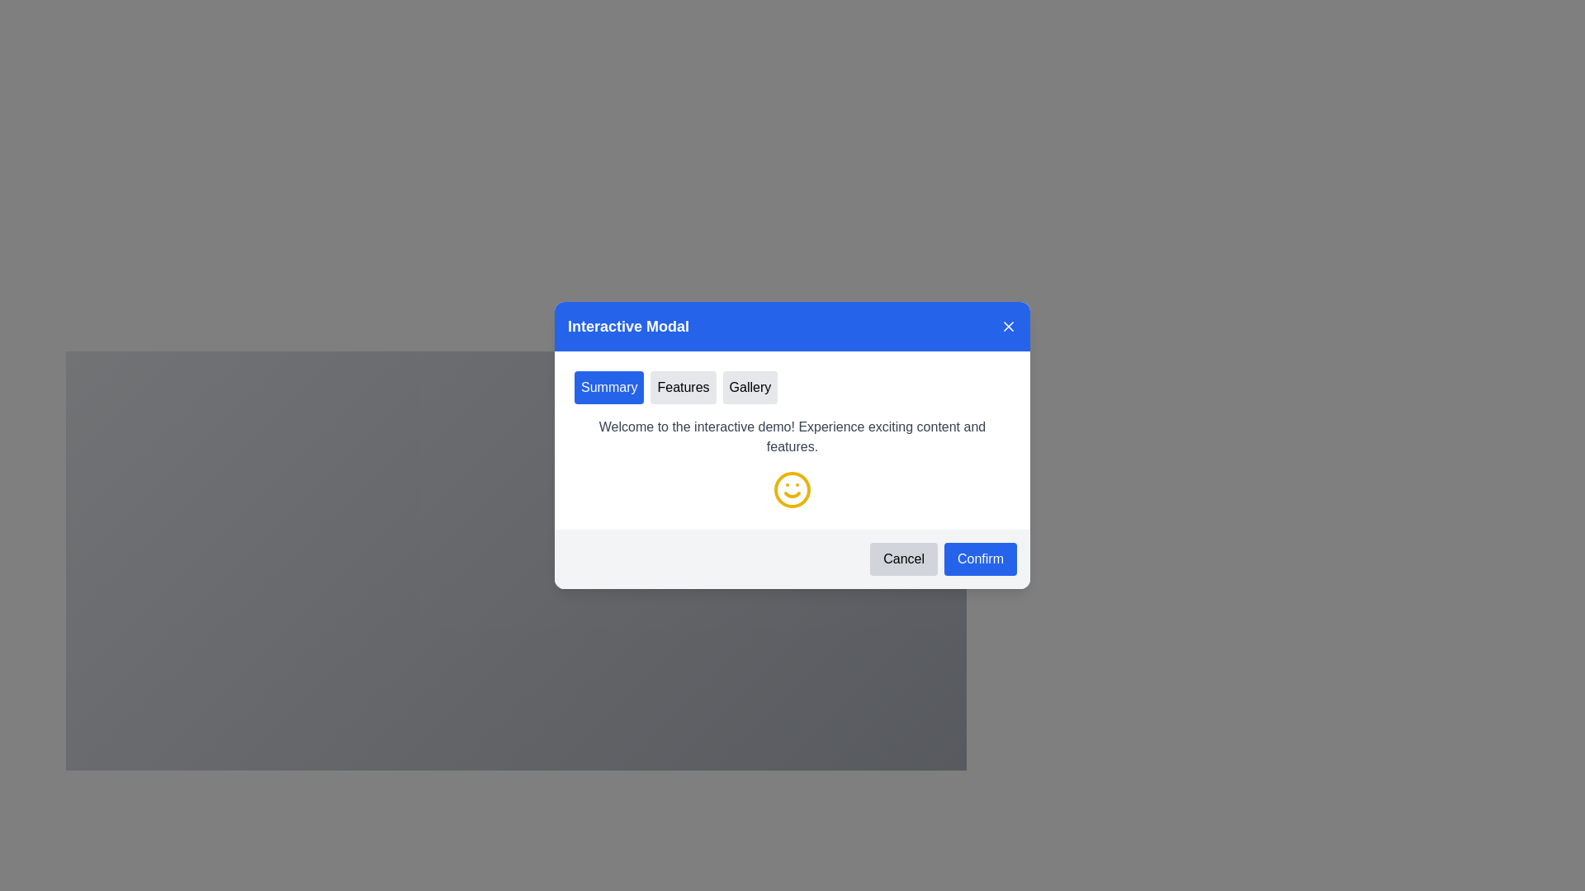  Describe the element at coordinates (792, 436) in the screenshot. I see `informative text element located centrally within the modal dialog, below the navigation tabs labeled 'Summary', 'Features', and 'Gallery', and above the graphical smiley face icon` at that location.